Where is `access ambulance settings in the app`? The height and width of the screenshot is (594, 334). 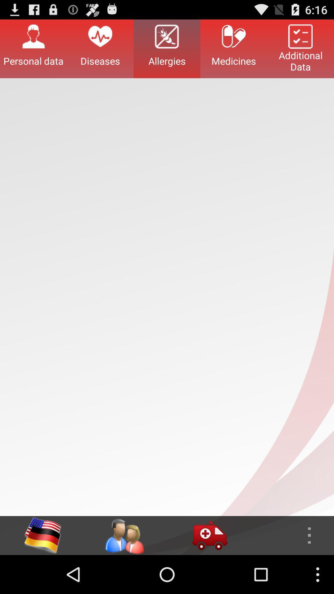 access ambulance settings in the app is located at coordinates (209, 535).